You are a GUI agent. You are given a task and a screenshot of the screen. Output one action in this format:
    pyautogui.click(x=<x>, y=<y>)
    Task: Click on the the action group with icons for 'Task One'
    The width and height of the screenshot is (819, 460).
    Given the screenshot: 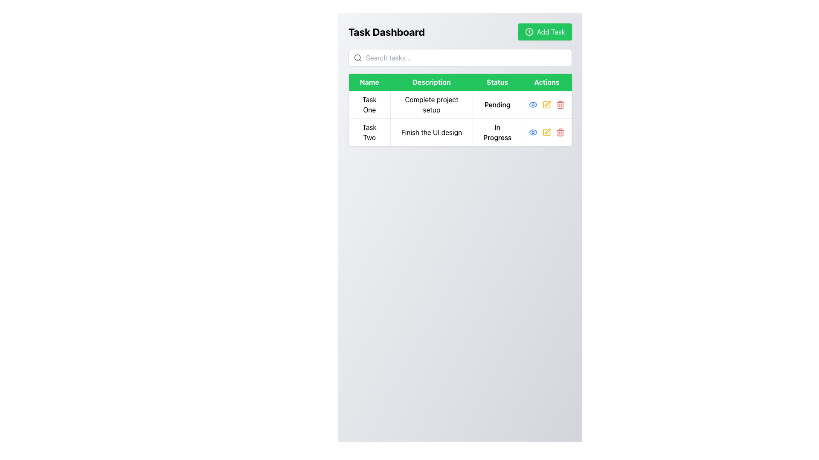 What is the action you would take?
    pyautogui.click(x=546, y=104)
    